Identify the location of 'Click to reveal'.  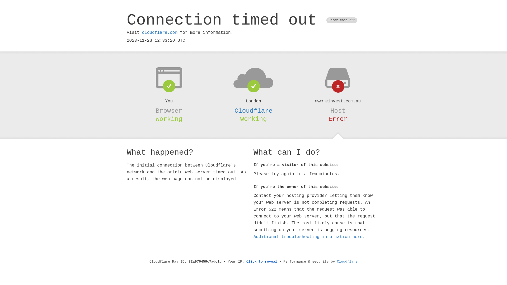
(262, 262).